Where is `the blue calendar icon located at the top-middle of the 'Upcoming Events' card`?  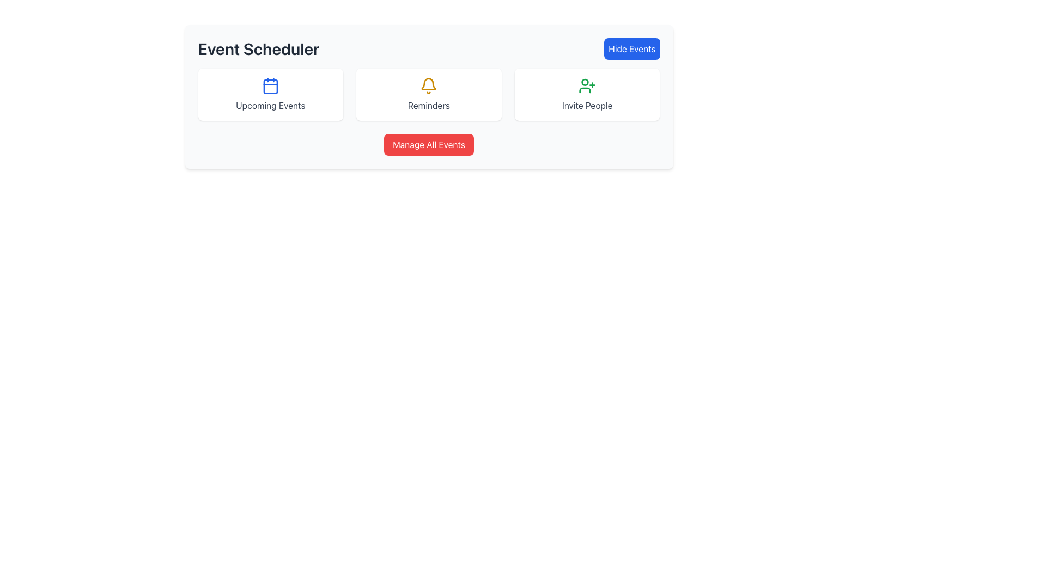
the blue calendar icon located at the top-middle of the 'Upcoming Events' card is located at coordinates (270, 85).